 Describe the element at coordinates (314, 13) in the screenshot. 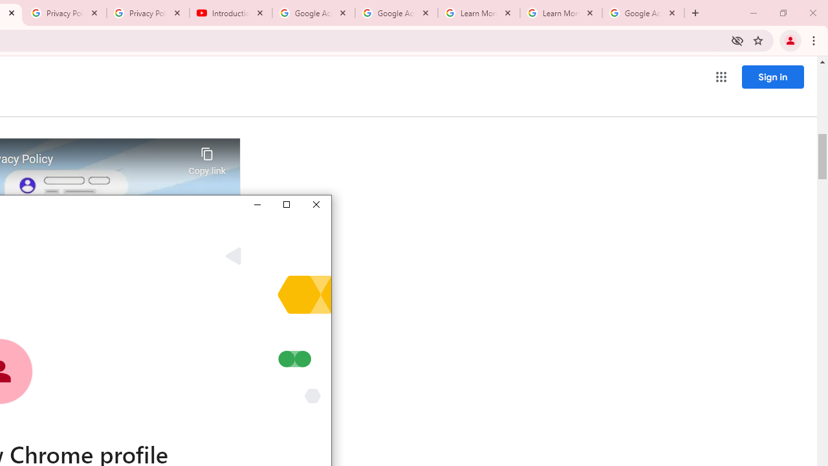

I see `'Google Account Help'` at that location.